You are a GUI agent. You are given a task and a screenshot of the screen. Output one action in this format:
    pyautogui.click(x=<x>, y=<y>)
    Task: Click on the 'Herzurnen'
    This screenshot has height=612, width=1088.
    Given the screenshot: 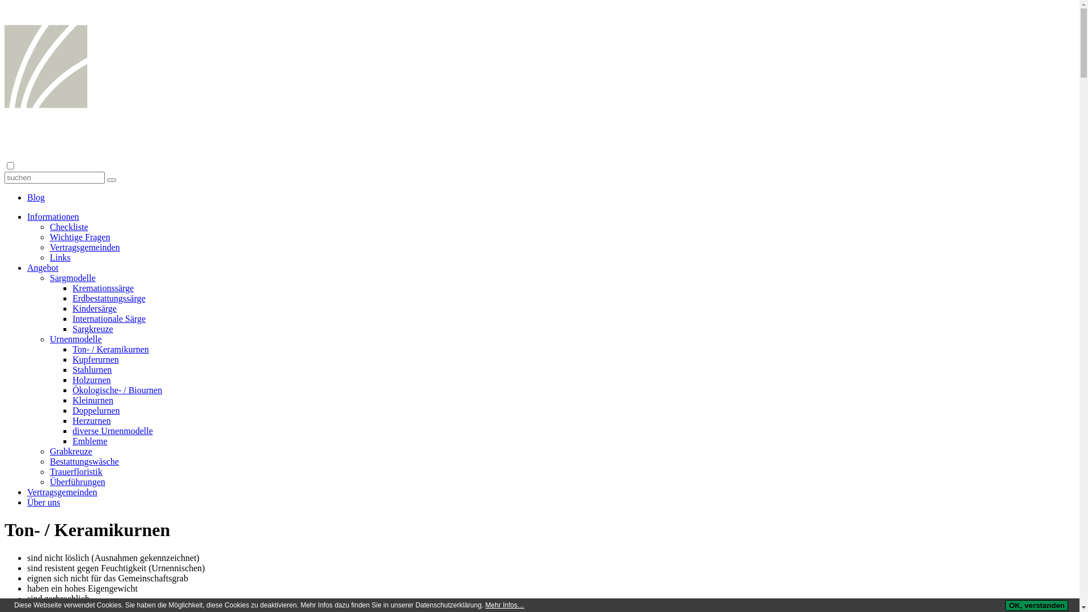 What is the action you would take?
    pyautogui.click(x=72, y=420)
    